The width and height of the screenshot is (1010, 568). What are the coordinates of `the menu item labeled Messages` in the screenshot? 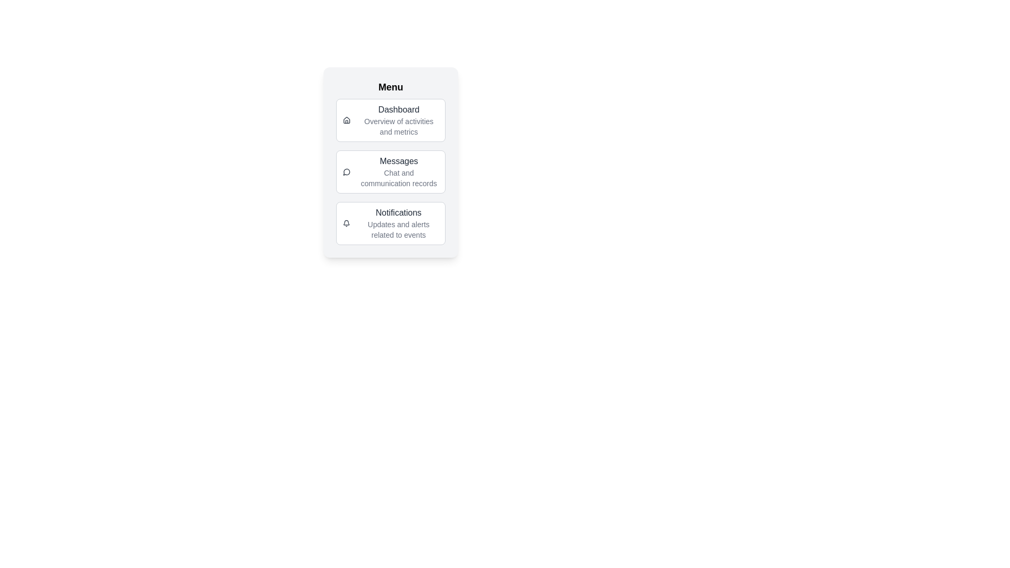 It's located at (390, 171).